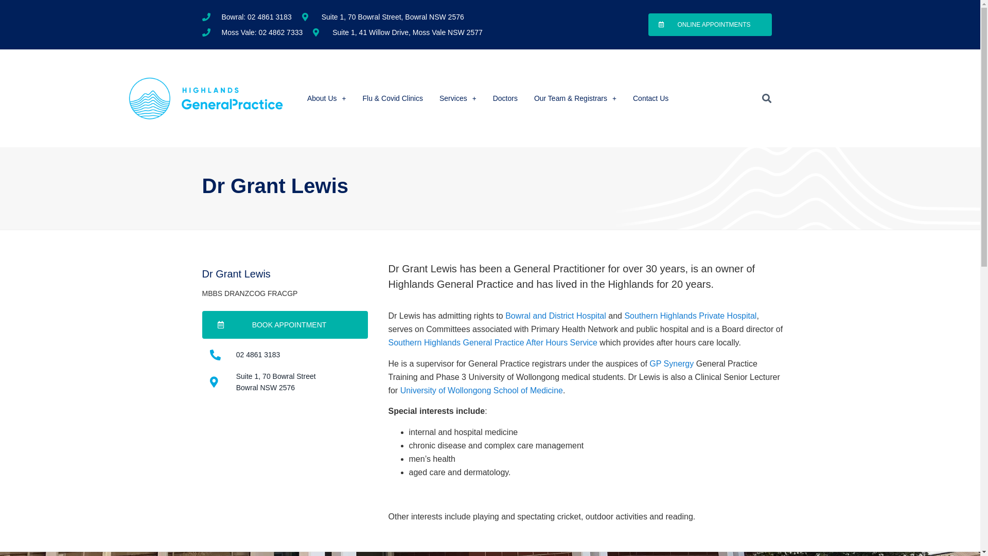  I want to click on 'Contact Us', so click(650, 98).